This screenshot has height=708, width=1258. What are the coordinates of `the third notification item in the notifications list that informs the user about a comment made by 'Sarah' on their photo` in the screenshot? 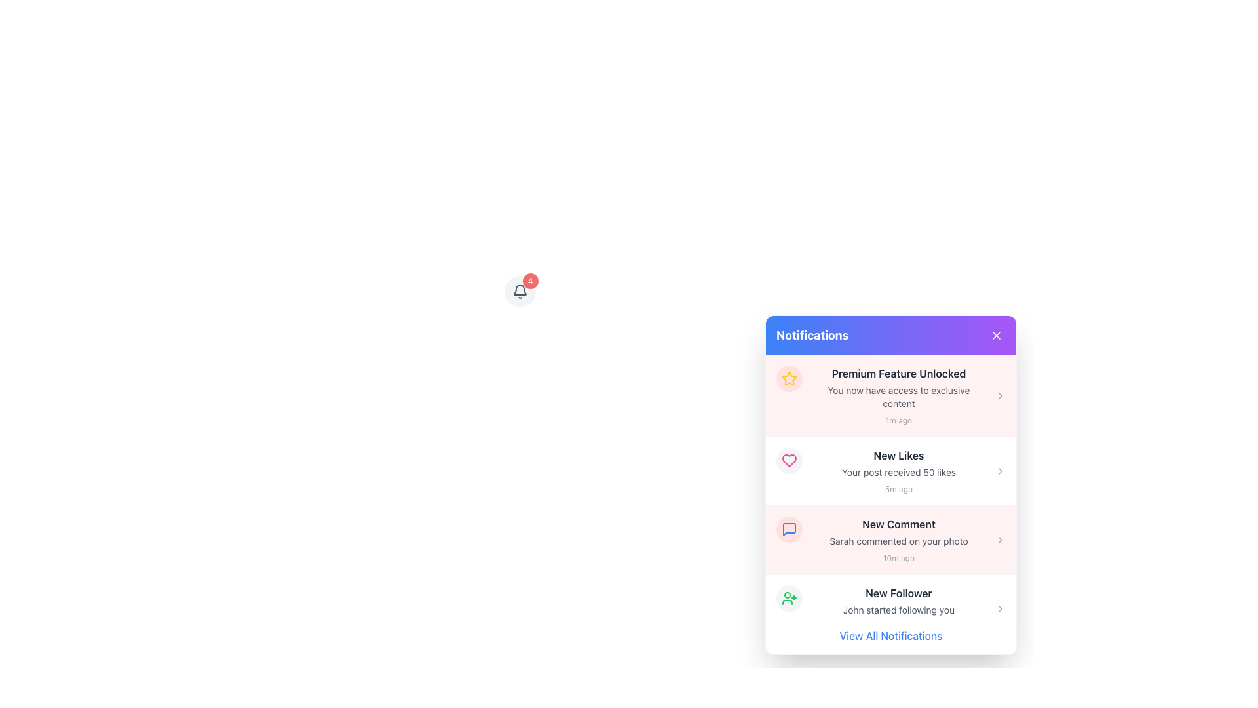 It's located at (890, 540).